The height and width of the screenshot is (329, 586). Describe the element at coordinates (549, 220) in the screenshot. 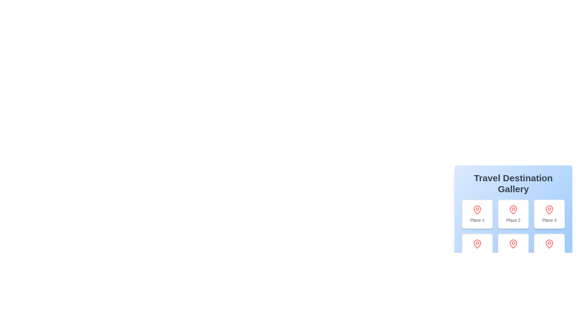

I see `the text label that serves as a descriptor for 'Place 3', located at the bottom of a card in the third position of the top row within the 'Travel Destination Gallery'` at that location.